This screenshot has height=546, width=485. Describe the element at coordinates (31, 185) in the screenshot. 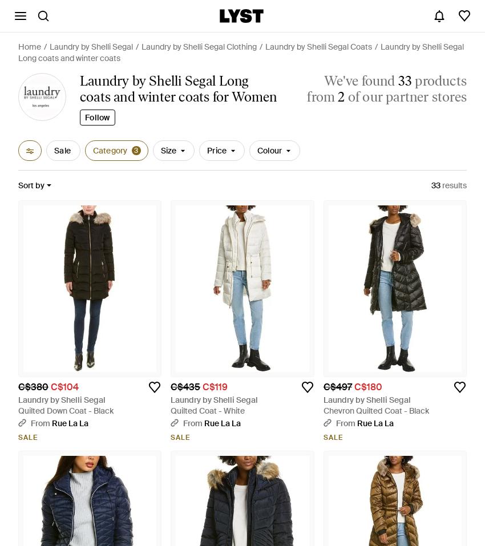

I see `'Sort by'` at that location.